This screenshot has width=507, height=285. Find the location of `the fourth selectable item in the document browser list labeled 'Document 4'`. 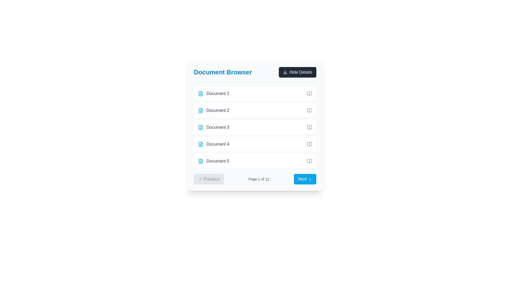

the fourth selectable item in the document browser list labeled 'Document 4' is located at coordinates (255, 144).